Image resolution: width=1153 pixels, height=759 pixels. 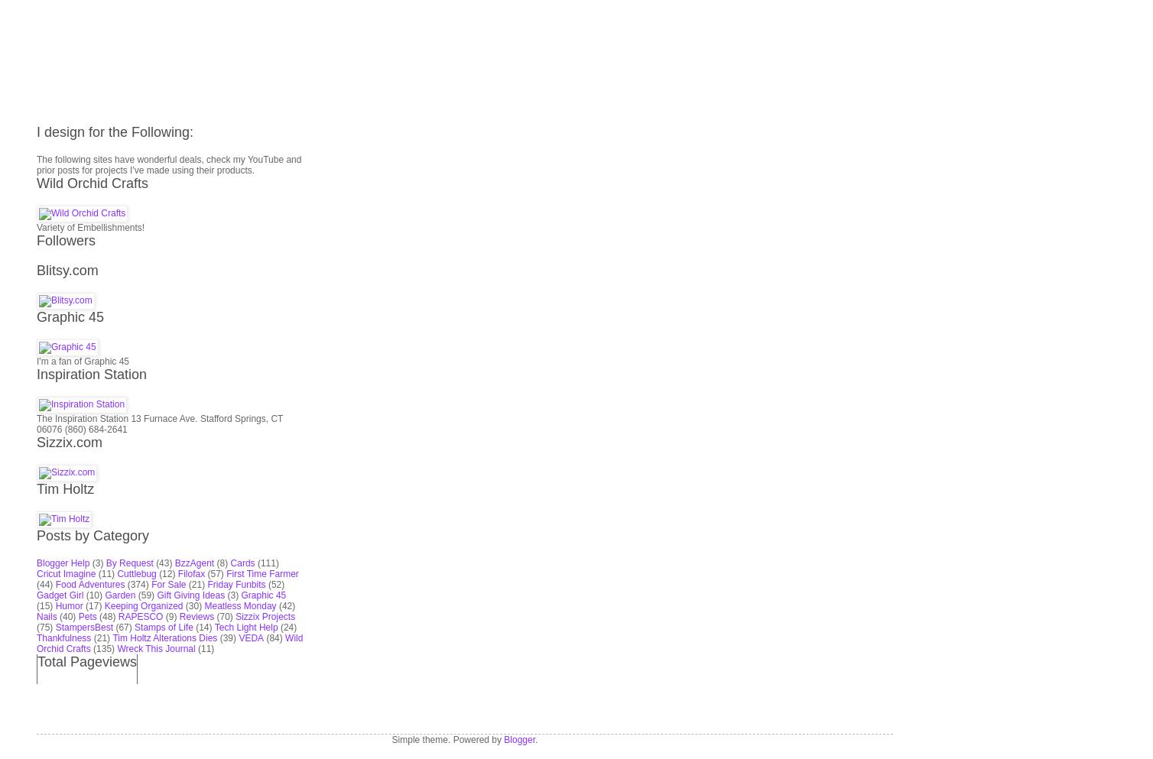 I want to click on '(135)', so click(x=104, y=465).